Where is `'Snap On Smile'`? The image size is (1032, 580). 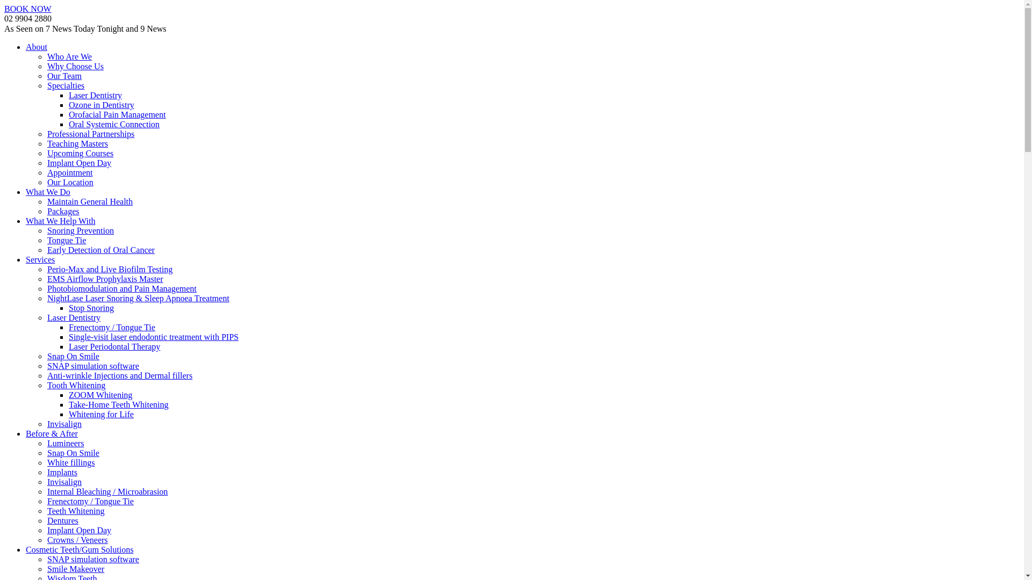 'Snap On Smile' is located at coordinates (73, 356).